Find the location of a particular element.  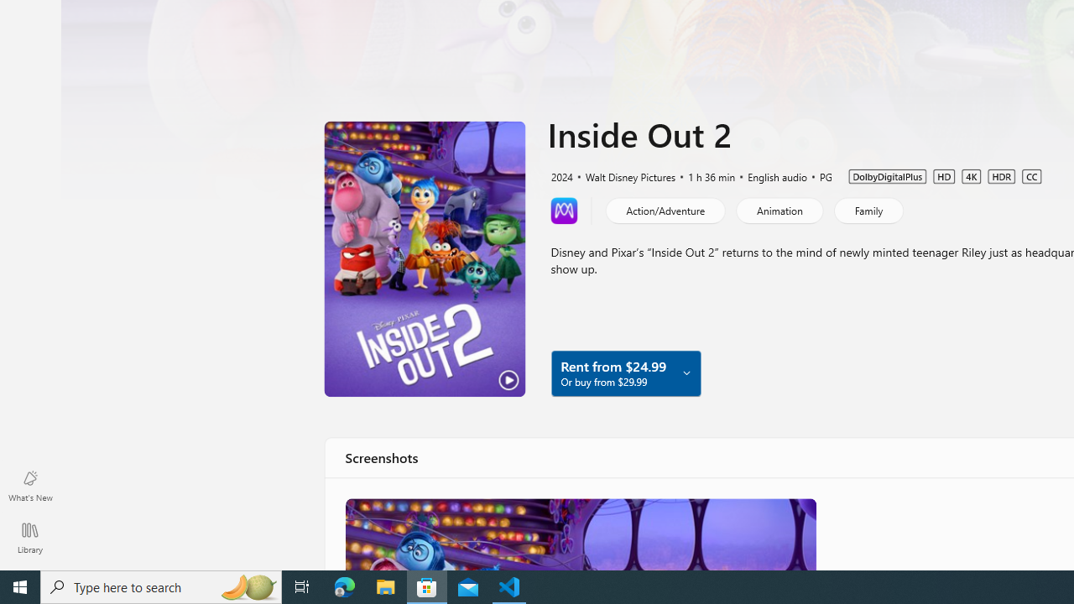

'Walt Disney Pictures' is located at coordinates (623, 175).